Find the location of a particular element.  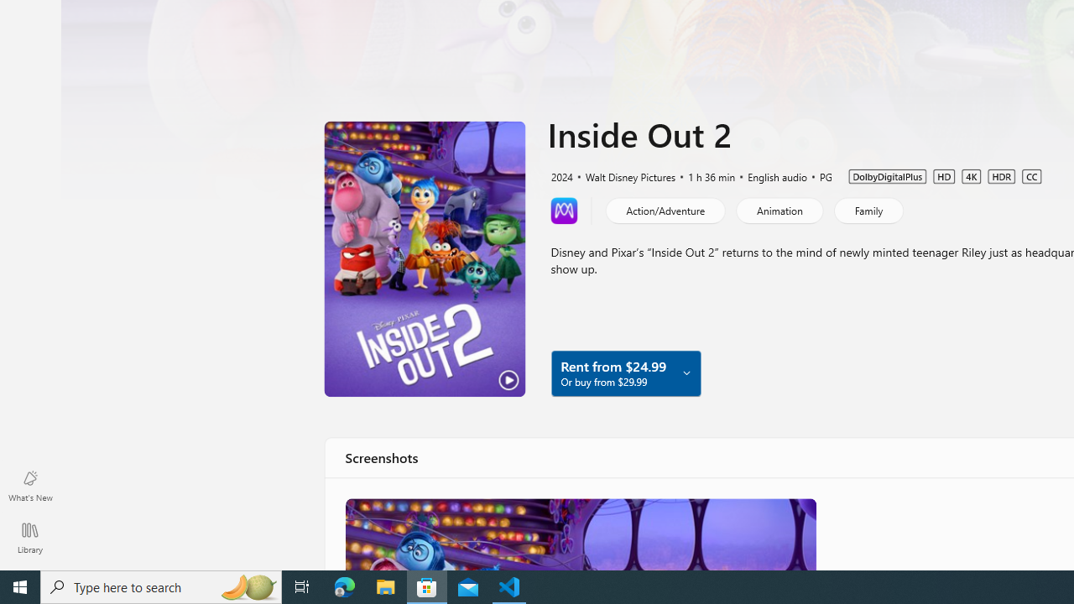

'Walt Disney Pictures' is located at coordinates (623, 175).